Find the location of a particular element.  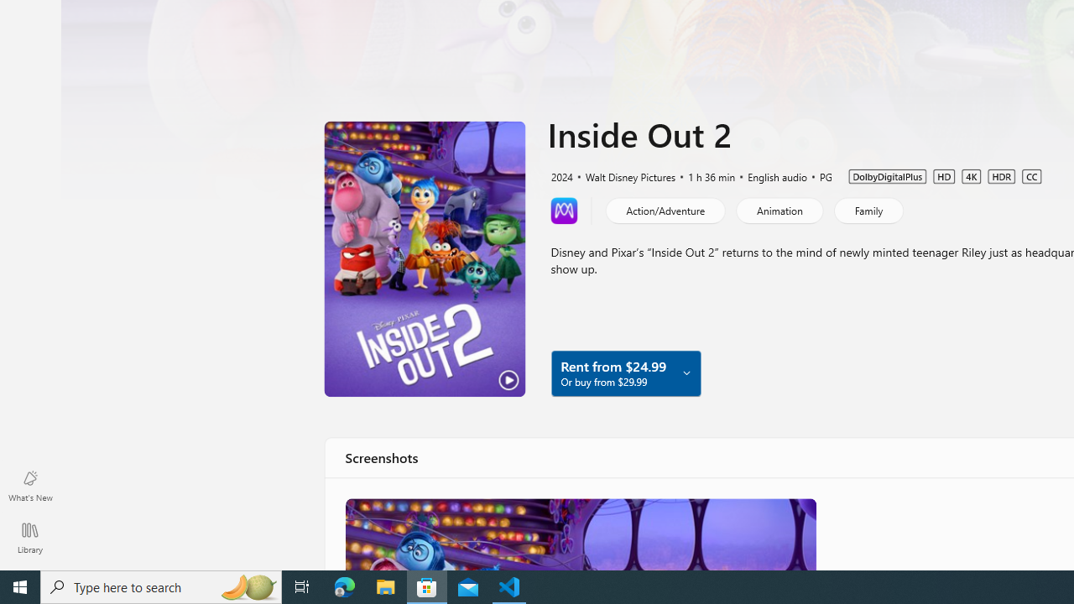

'Walt Disney Pictures' is located at coordinates (623, 175).